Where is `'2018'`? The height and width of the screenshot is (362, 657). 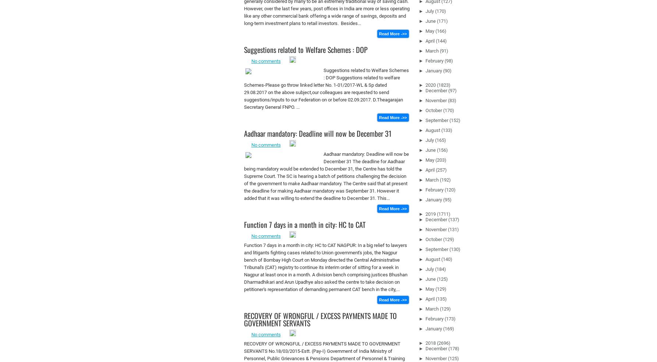
'2018' is located at coordinates (430, 343).